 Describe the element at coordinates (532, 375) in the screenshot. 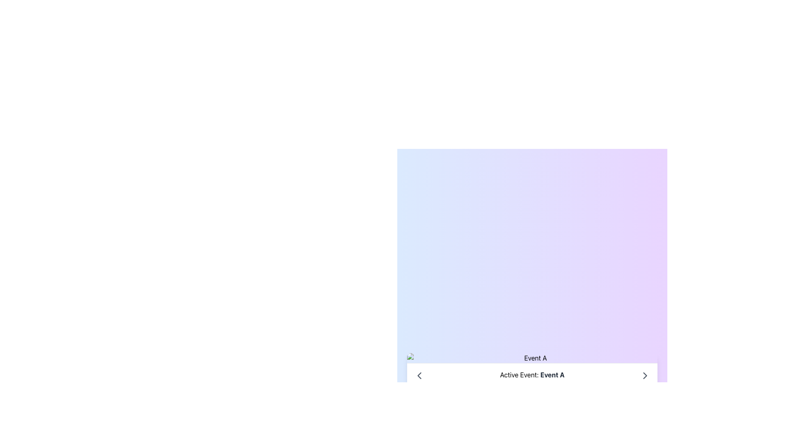

I see `the text label that displays 'Active Event: Event A', which is styled in bold black font against a white background, located centrally at the bottom of the interface` at that location.